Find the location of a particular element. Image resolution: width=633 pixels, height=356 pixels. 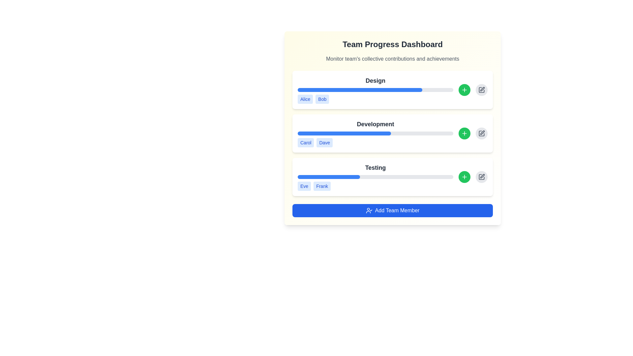

the pencil icon component representing an edit action located at the far right of the 'Development' section is located at coordinates (482, 133).